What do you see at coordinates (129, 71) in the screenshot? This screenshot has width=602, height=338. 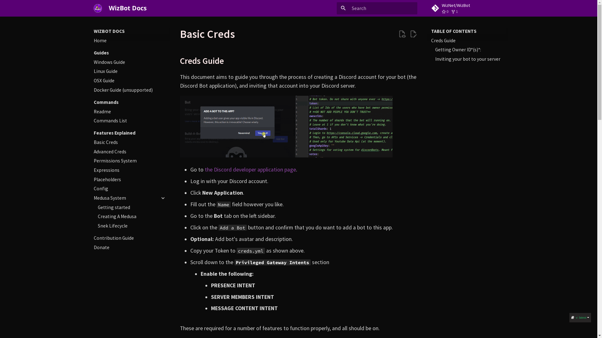 I see `'Linux Guide'` at bounding box center [129, 71].